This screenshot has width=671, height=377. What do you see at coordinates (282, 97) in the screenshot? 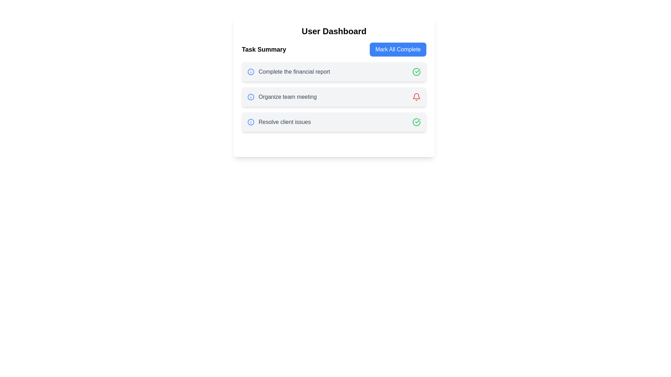
I see `the second task item in the vertical list, which displays information about a specific task, located within the card-like structure` at bounding box center [282, 97].